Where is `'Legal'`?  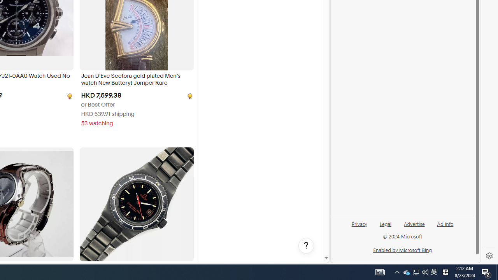
'Legal' is located at coordinates (385, 227).